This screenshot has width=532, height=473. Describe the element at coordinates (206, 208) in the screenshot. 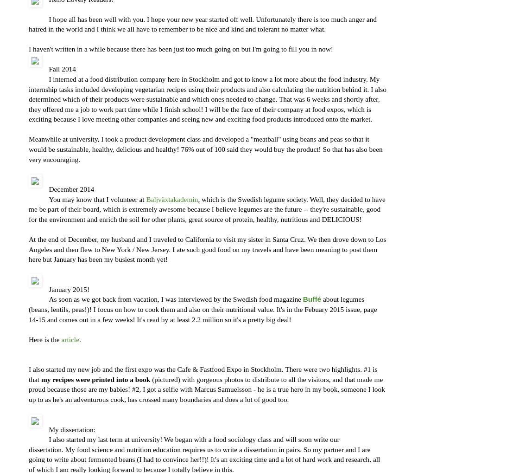

I see `', which is the Swedish legume society. Well, they decided to have me be part of their board, which is extremely awesome because I believe legumes are the future -- they're sustainable, good for the environment and enrich the soil for other plants, great source of protein, healthy, nutritious and DELICIOUS!'` at that location.